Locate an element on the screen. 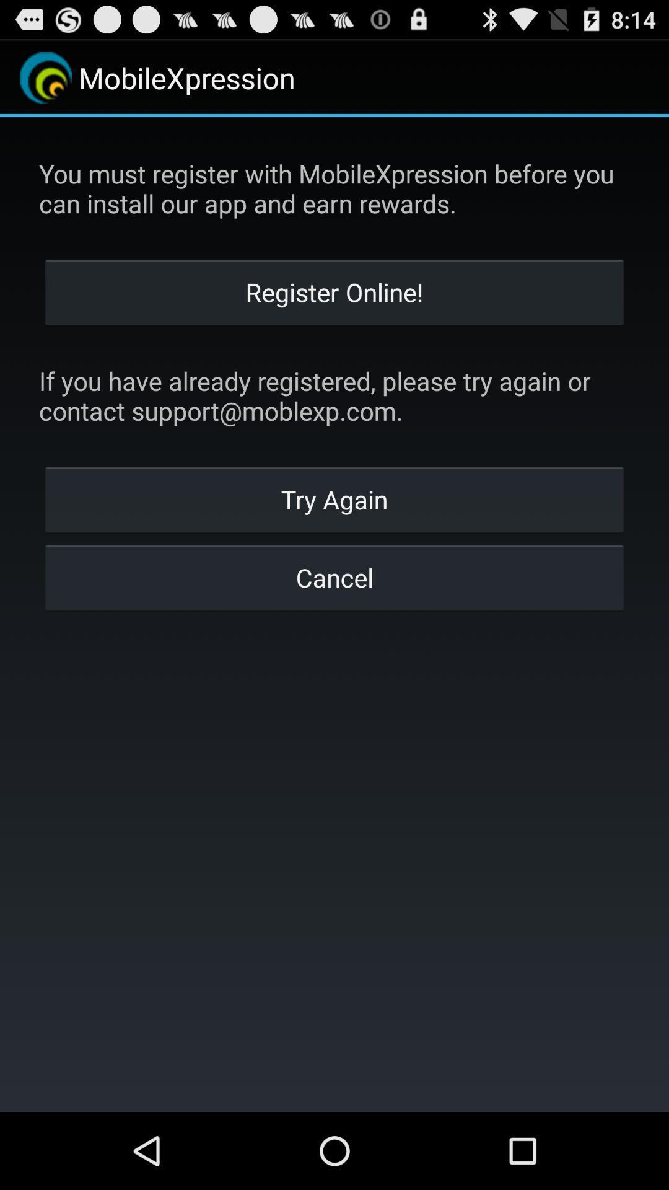 This screenshot has width=669, height=1190. cancel item is located at coordinates (334, 576).